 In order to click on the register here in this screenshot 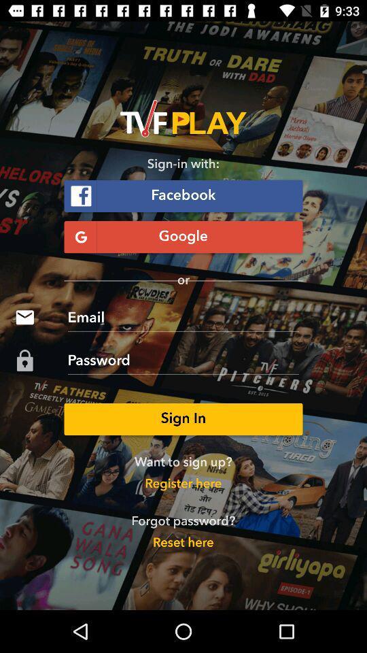, I will do `click(183, 484)`.